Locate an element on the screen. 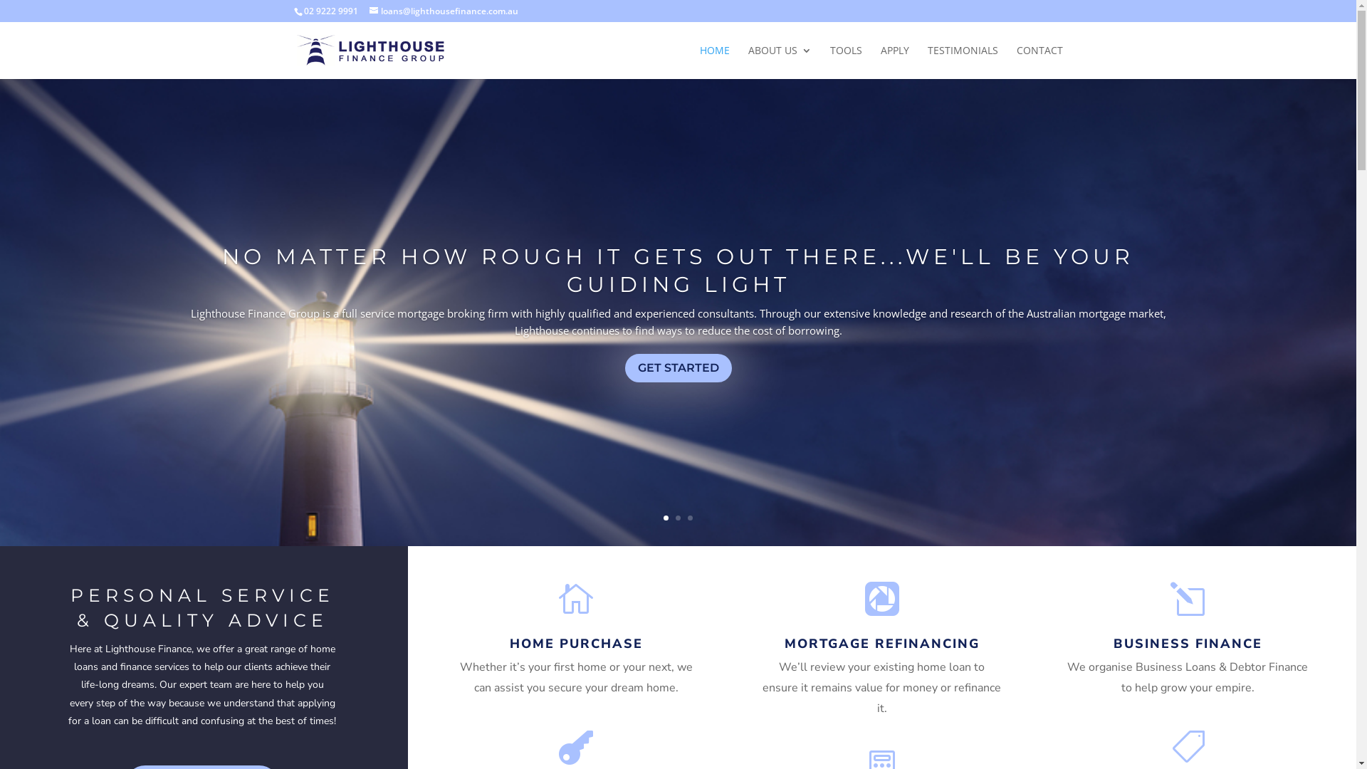 This screenshot has width=1367, height=769. '1' is located at coordinates (665, 518).